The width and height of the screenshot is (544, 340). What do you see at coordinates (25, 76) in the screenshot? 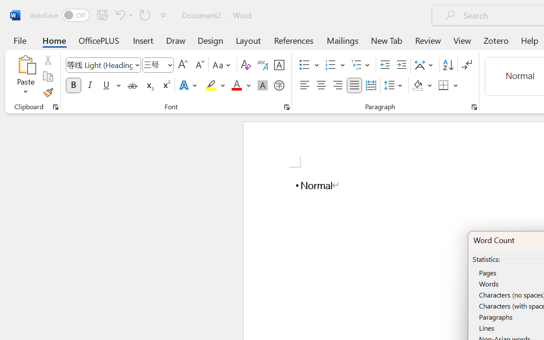
I see `'Paste'` at bounding box center [25, 76].